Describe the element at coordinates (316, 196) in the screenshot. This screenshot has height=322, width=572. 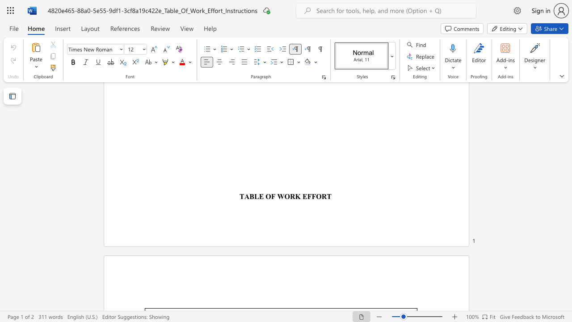
I see `the space between the continuous character "F" and "O" in the text` at that location.